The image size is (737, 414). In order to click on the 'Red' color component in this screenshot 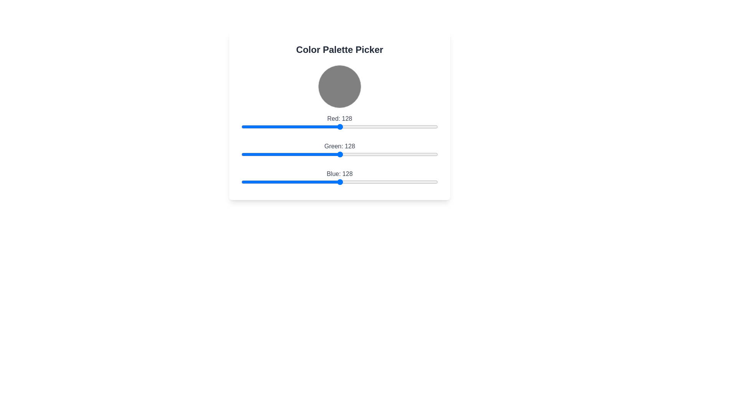, I will do `click(244, 127)`.